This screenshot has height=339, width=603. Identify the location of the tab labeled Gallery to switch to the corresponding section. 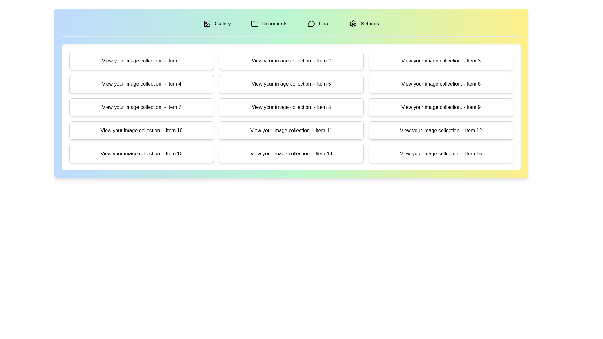
(217, 24).